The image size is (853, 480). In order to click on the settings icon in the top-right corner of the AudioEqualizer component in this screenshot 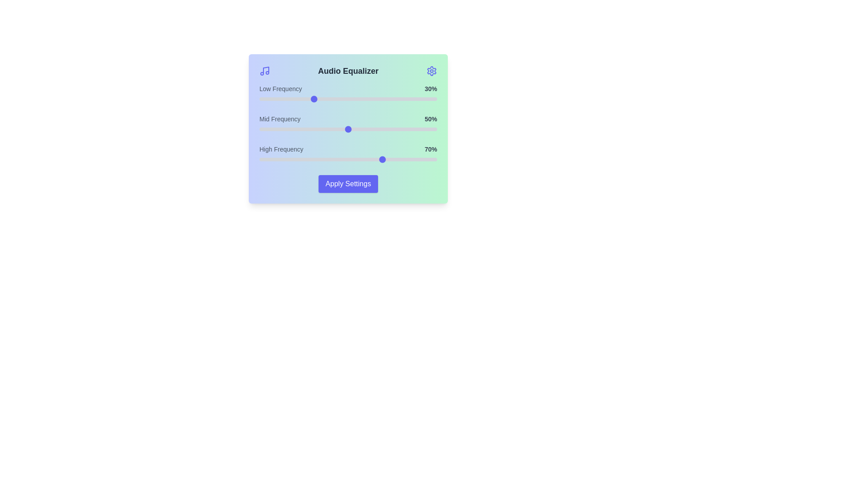, I will do `click(431, 70)`.